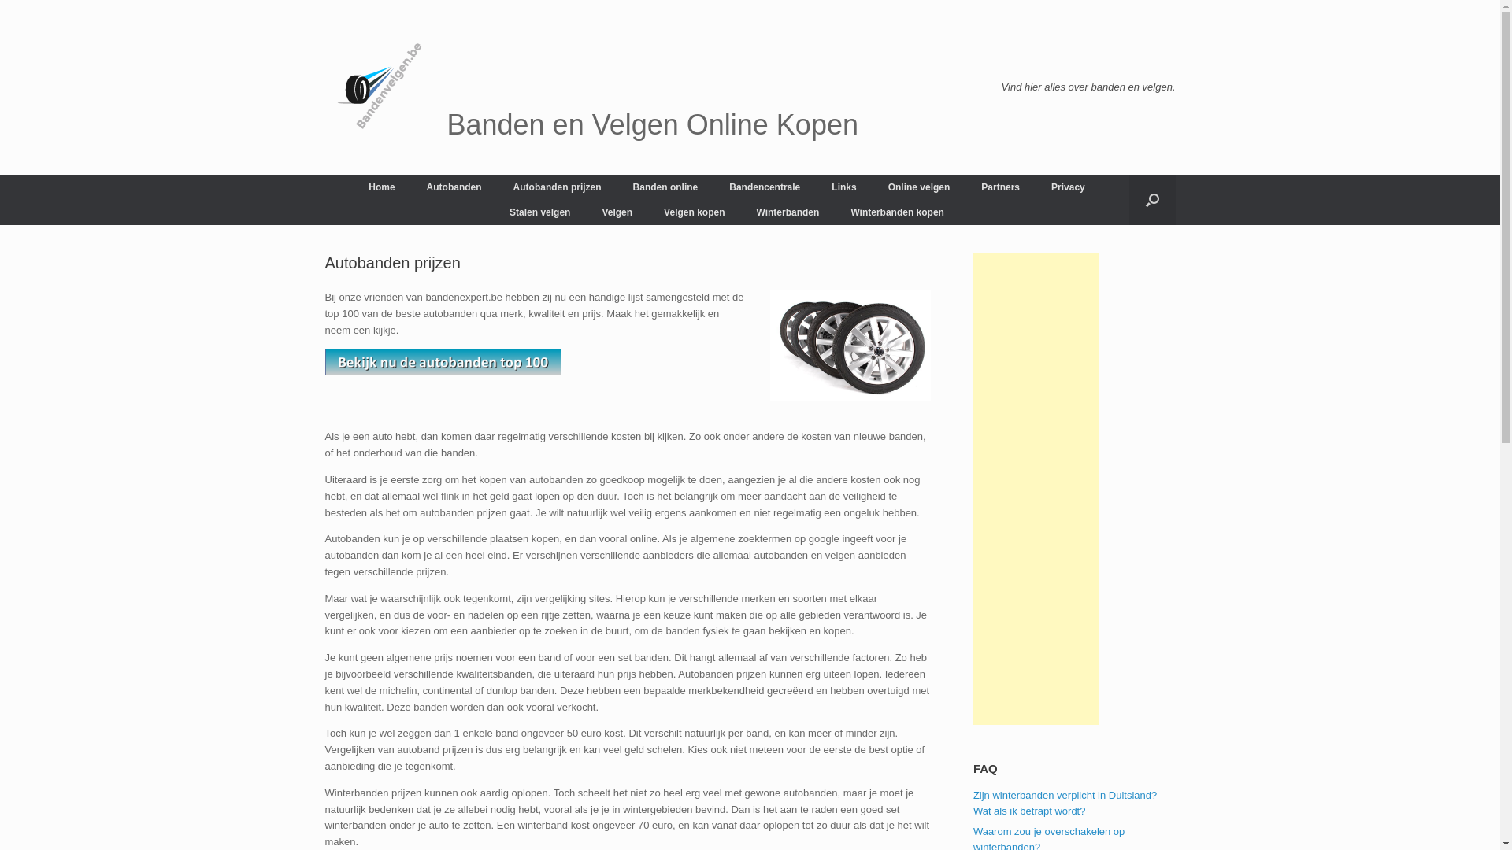  I want to click on 'Banden en Velgen Online Kopen', so click(590, 87).